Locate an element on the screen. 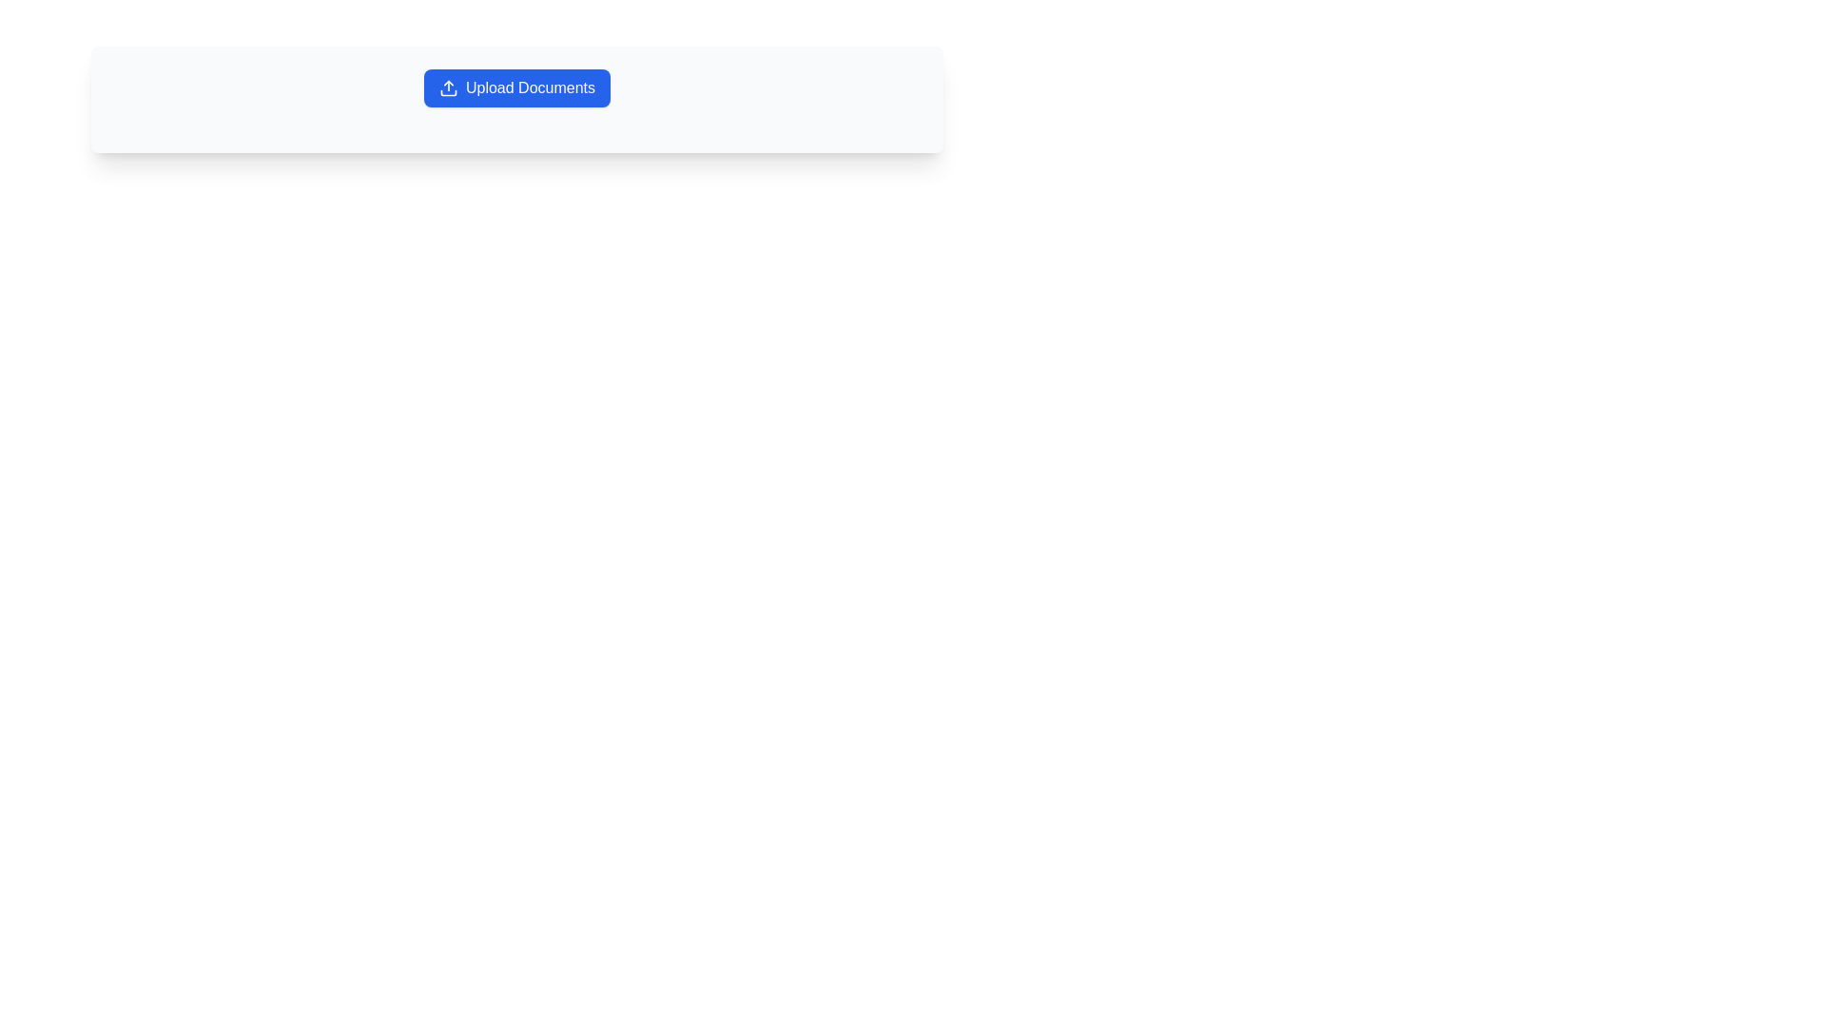 The image size is (1826, 1027). the lower part of the upload icon within the 'Upload Documents' button is located at coordinates (447, 92).